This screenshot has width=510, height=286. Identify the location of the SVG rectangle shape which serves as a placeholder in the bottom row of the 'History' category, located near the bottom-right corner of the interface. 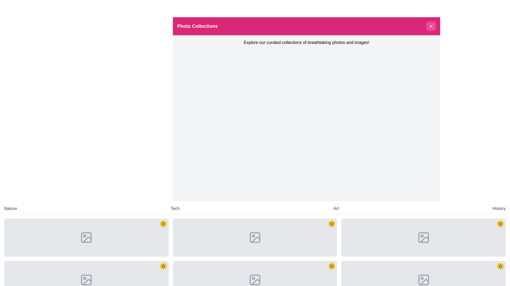
(423, 279).